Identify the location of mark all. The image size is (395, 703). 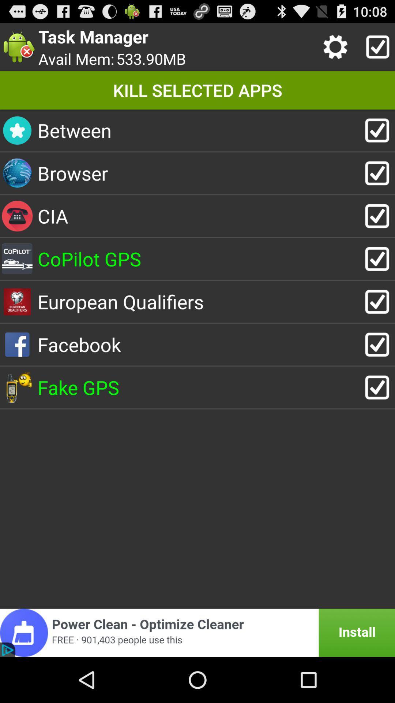
(376, 47).